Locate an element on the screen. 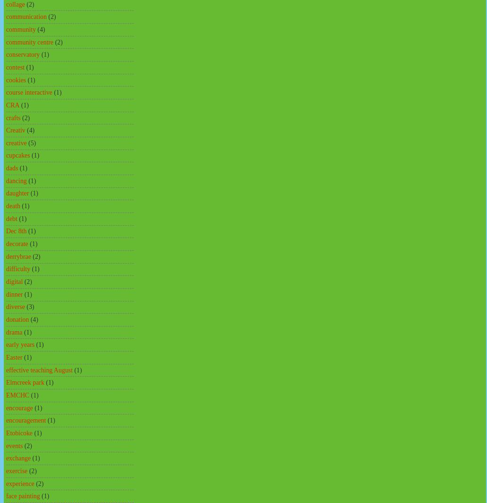 Image resolution: width=487 pixels, height=503 pixels. 'face painting' is located at coordinates (23, 495).